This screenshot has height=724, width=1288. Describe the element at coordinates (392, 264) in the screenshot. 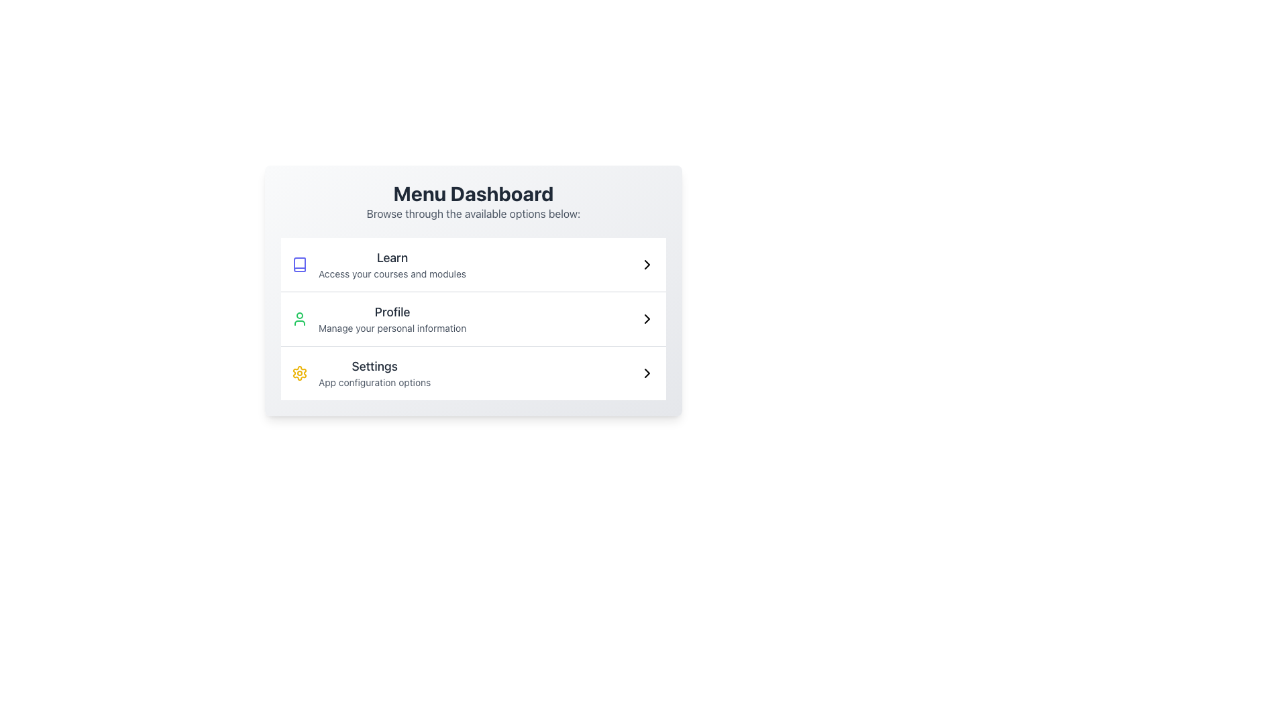

I see `the text-based menu description component that reads 'Learn' and 'Access your courses and modules', located in the first segment under the 'Menu Dashboard'` at that location.